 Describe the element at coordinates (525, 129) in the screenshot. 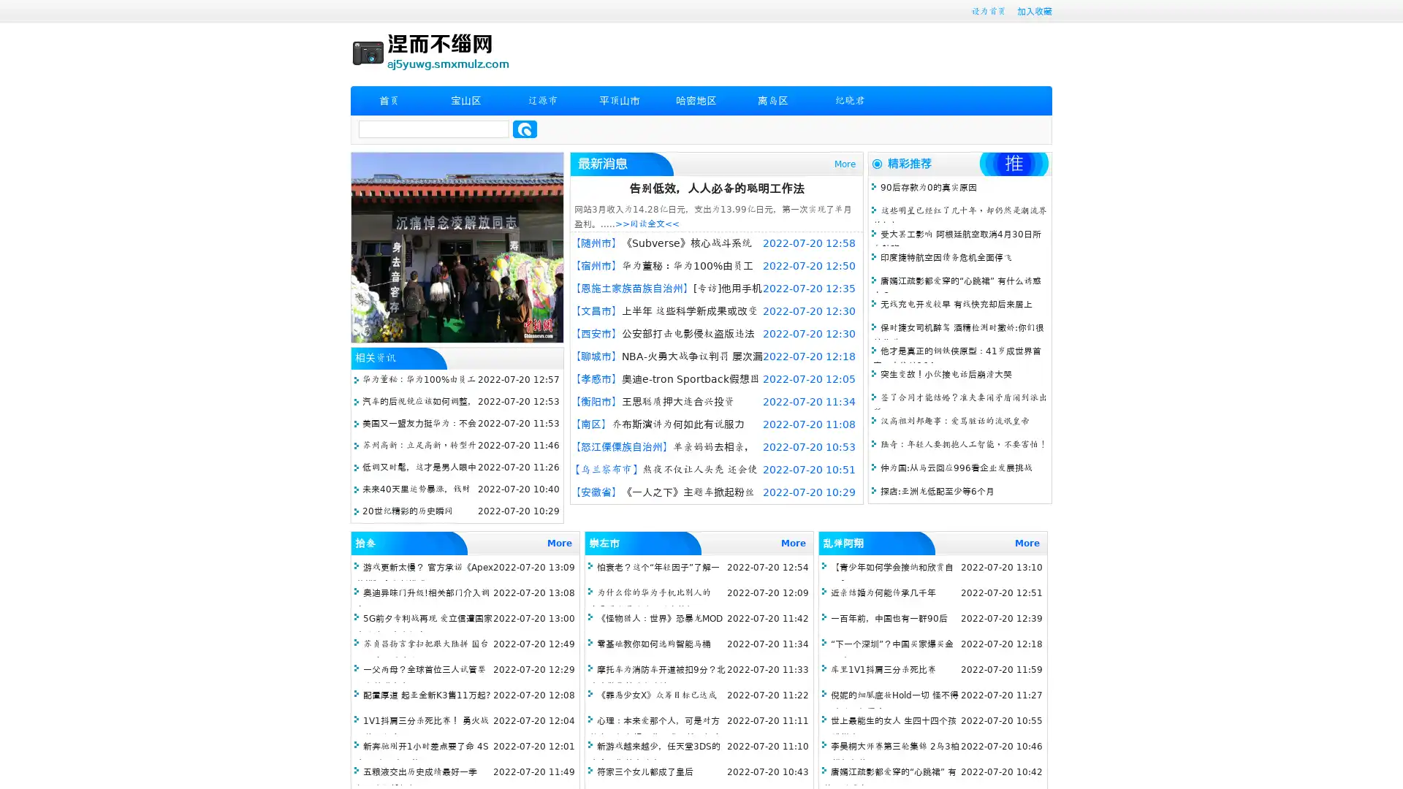

I see `Search` at that location.